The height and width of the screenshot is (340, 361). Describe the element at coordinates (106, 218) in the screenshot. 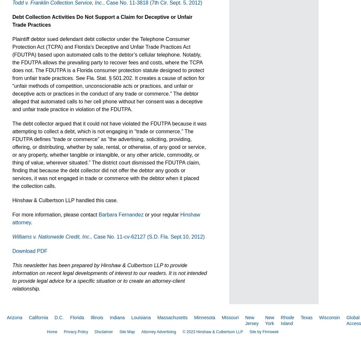

I see `'Hinshaw attorney'` at that location.